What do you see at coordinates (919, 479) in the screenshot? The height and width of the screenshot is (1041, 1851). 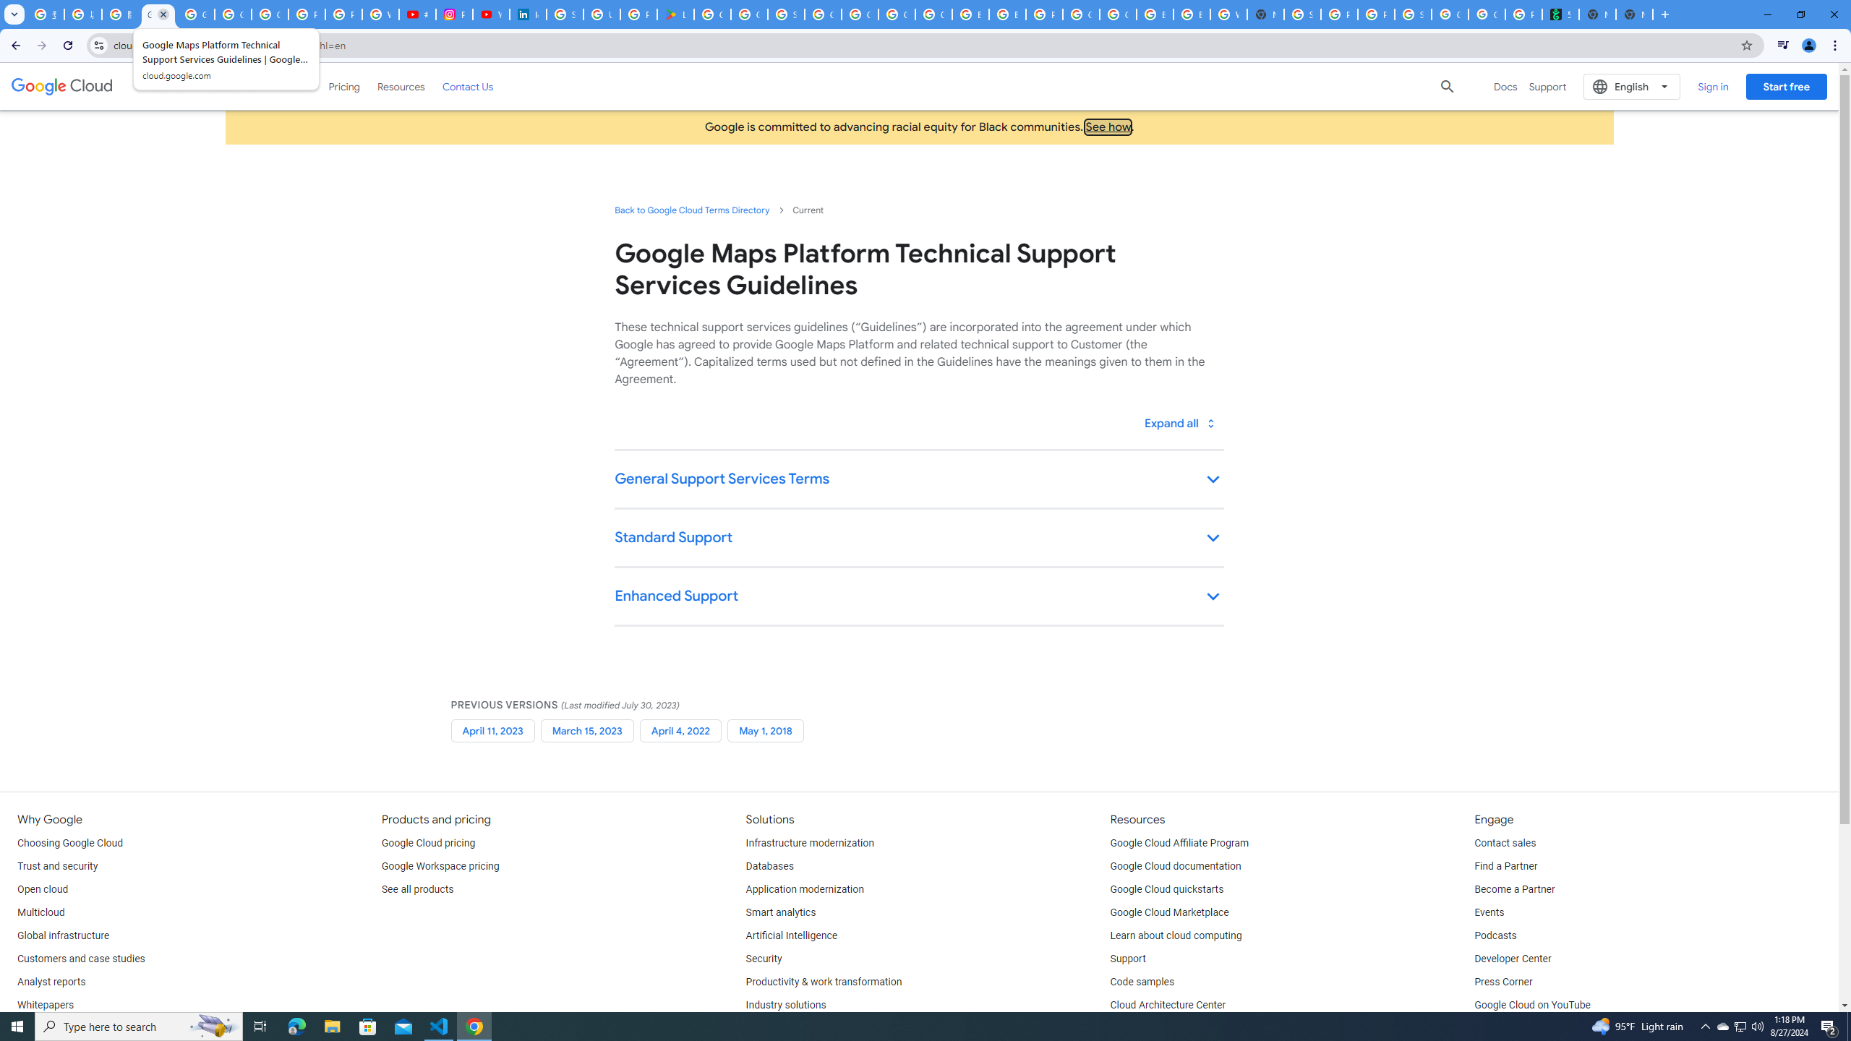 I see `'General Support Services Terms keyboard_arrow_down'` at bounding box center [919, 479].